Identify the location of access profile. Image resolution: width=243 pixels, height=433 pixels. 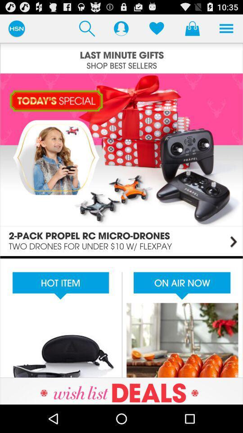
(121, 28).